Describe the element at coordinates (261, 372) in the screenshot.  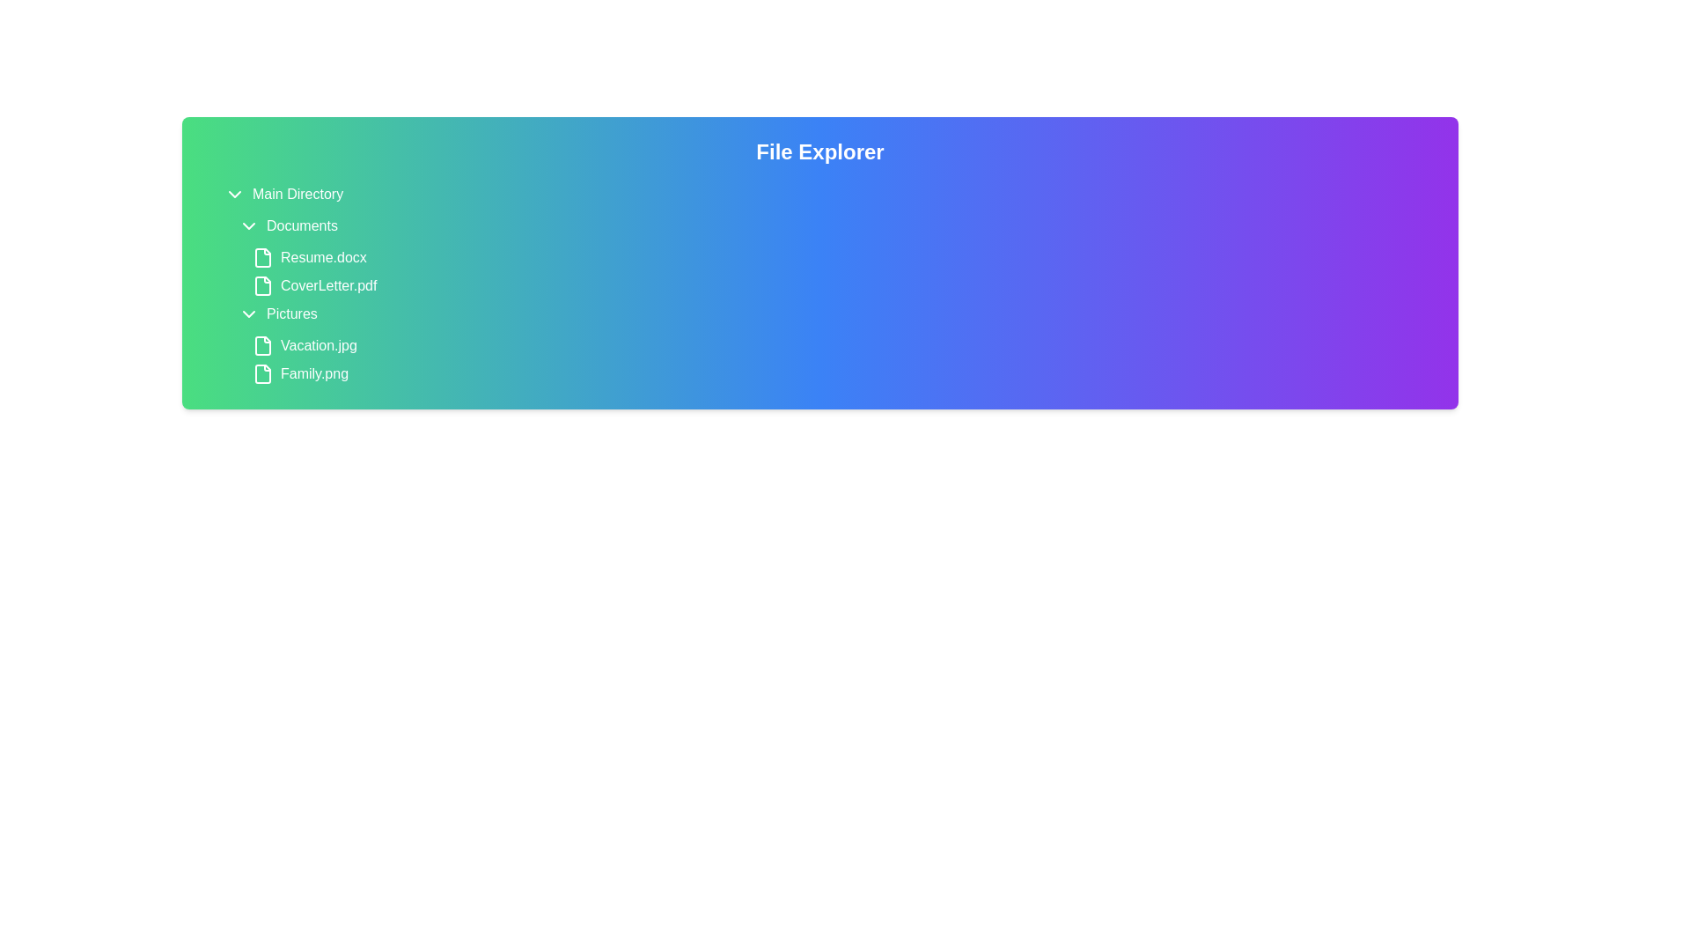
I see `the 'Family.png' icon located` at that location.